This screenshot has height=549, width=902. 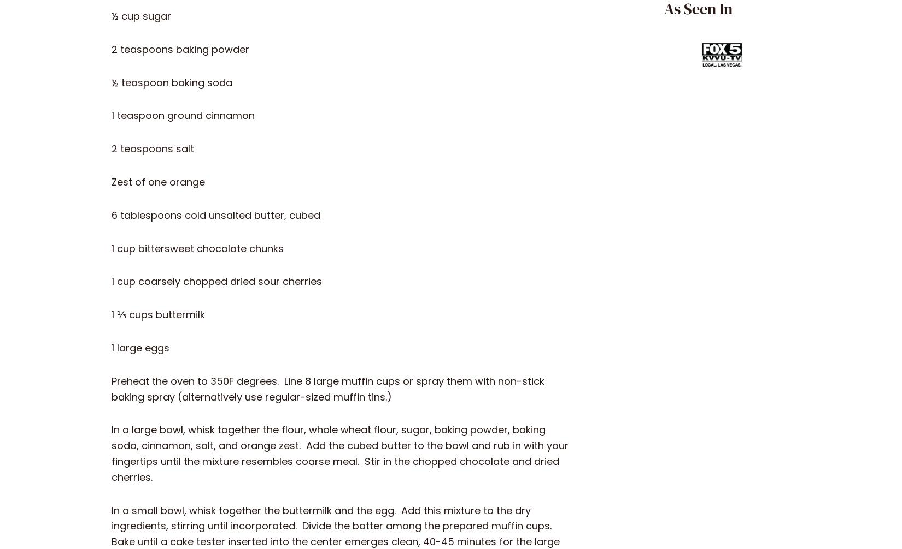 I want to click on '½ teaspoon baking soda', so click(x=172, y=82).